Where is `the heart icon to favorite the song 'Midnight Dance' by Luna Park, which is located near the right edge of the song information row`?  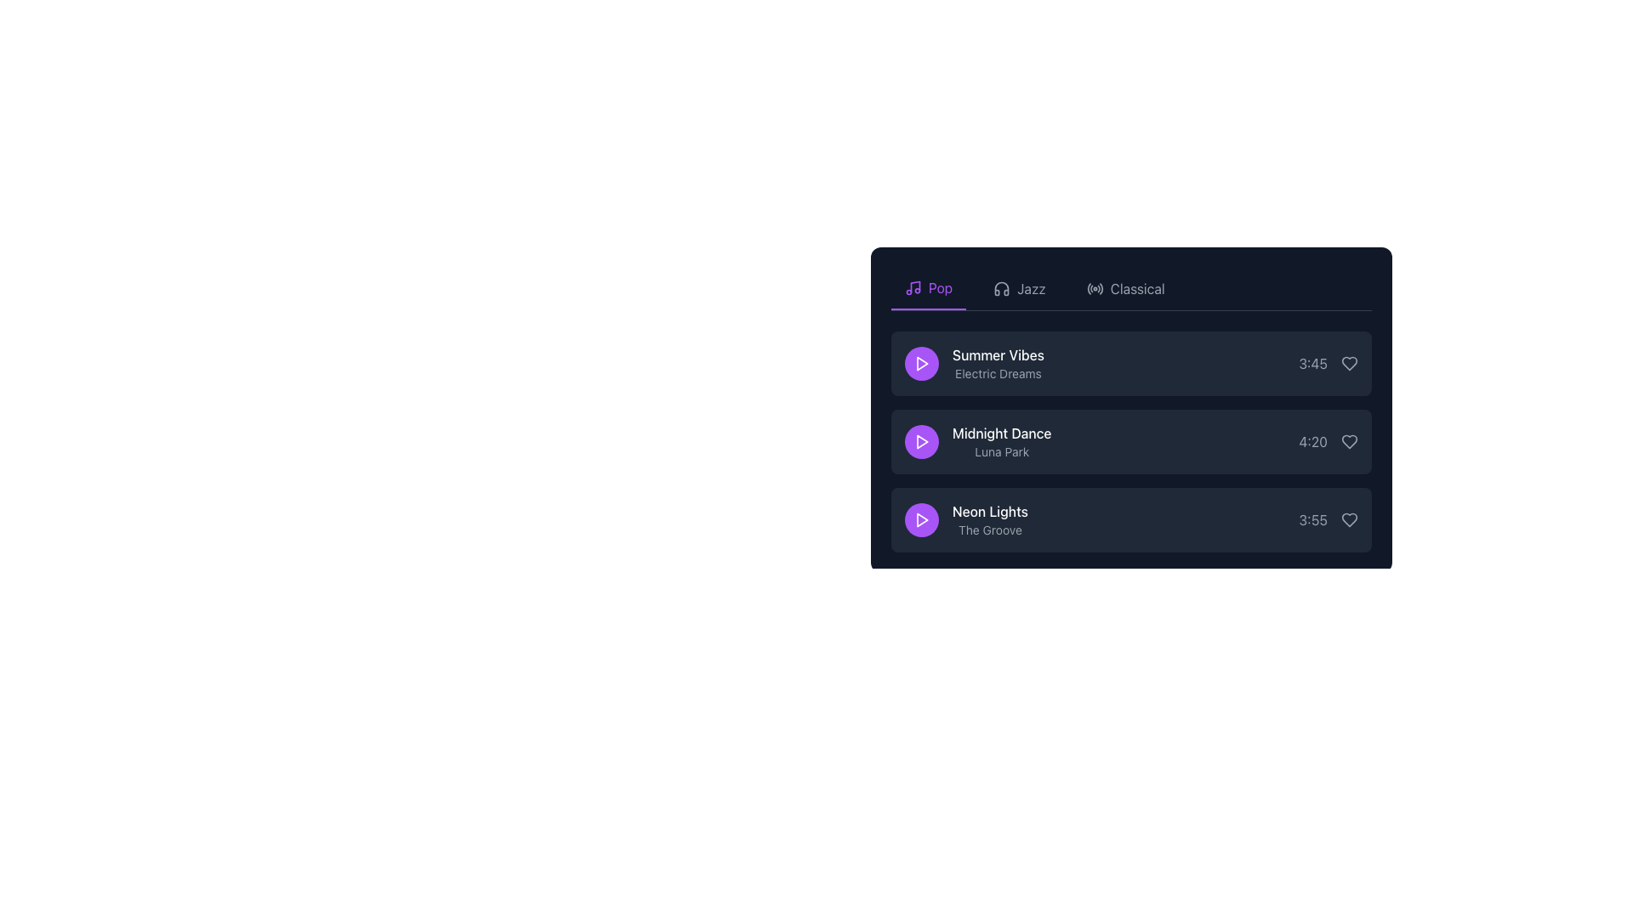 the heart icon to favorite the song 'Midnight Dance' by Luna Park, which is located near the right edge of the song information row is located at coordinates (1349, 441).